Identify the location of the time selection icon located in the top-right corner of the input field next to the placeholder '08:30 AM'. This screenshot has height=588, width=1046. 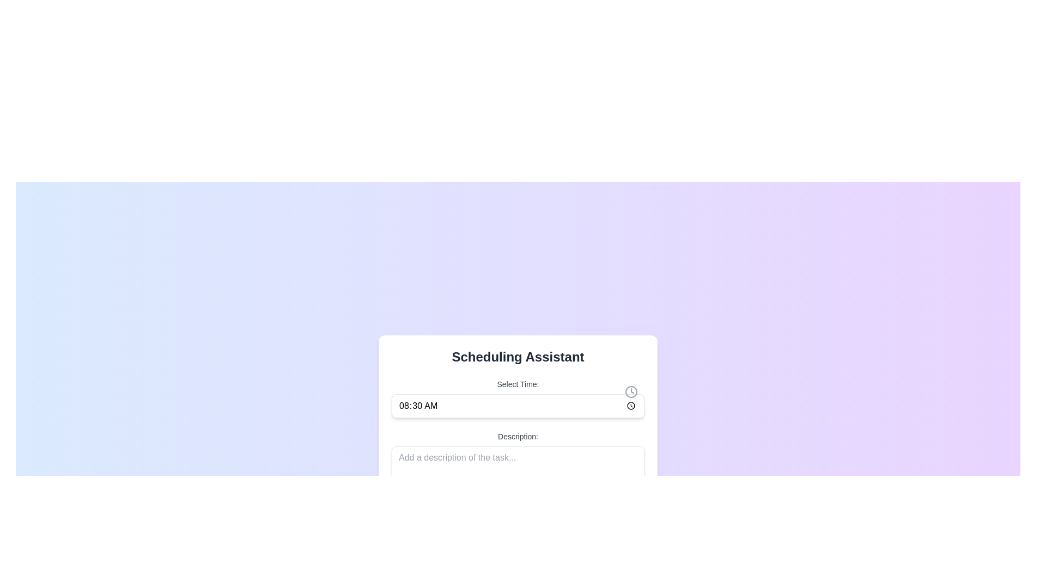
(631, 391).